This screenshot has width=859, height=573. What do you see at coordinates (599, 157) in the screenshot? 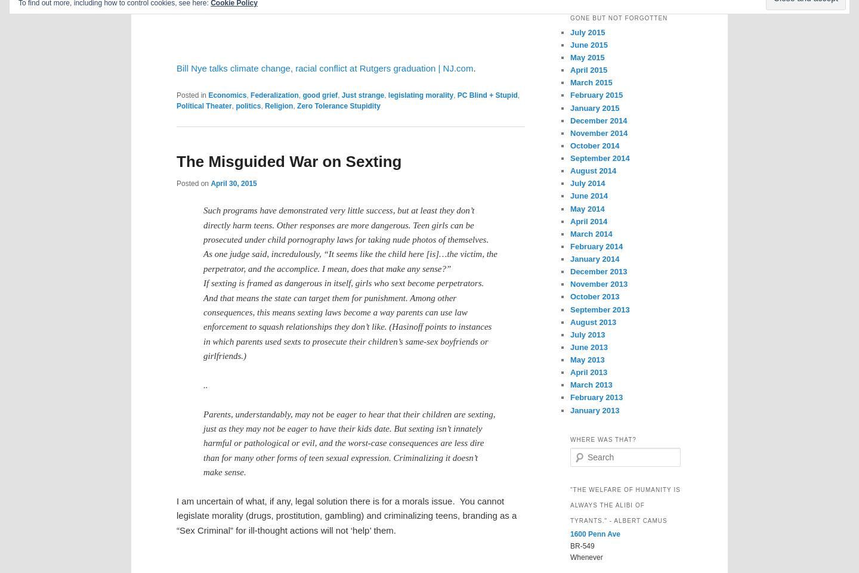
I see `'September 2014'` at bounding box center [599, 157].